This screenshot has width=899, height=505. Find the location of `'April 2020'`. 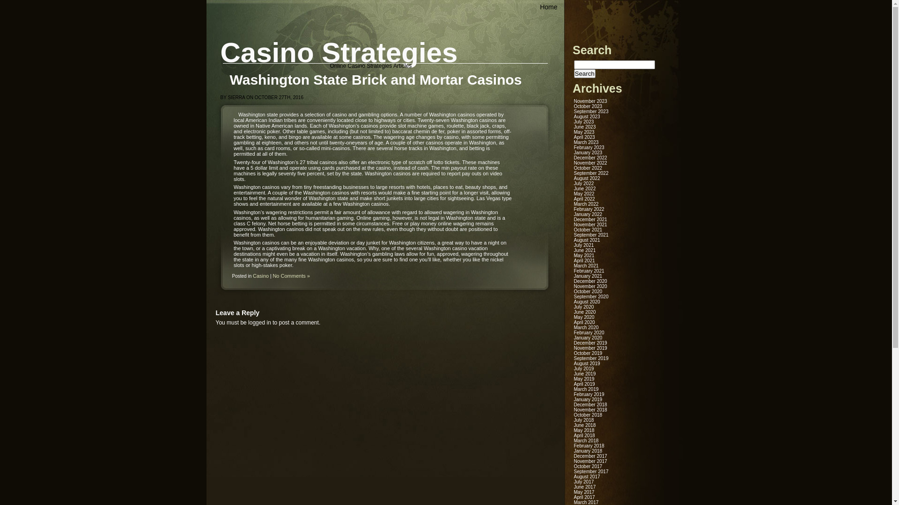

'April 2020' is located at coordinates (584, 322).